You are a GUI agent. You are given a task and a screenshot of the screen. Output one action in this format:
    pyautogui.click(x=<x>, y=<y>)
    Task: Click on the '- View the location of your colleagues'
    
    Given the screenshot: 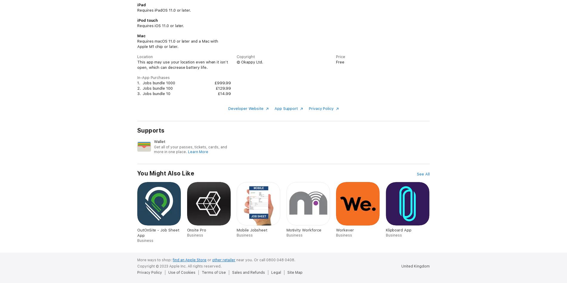 What is the action you would take?
    pyautogui.click(x=172, y=6)
    